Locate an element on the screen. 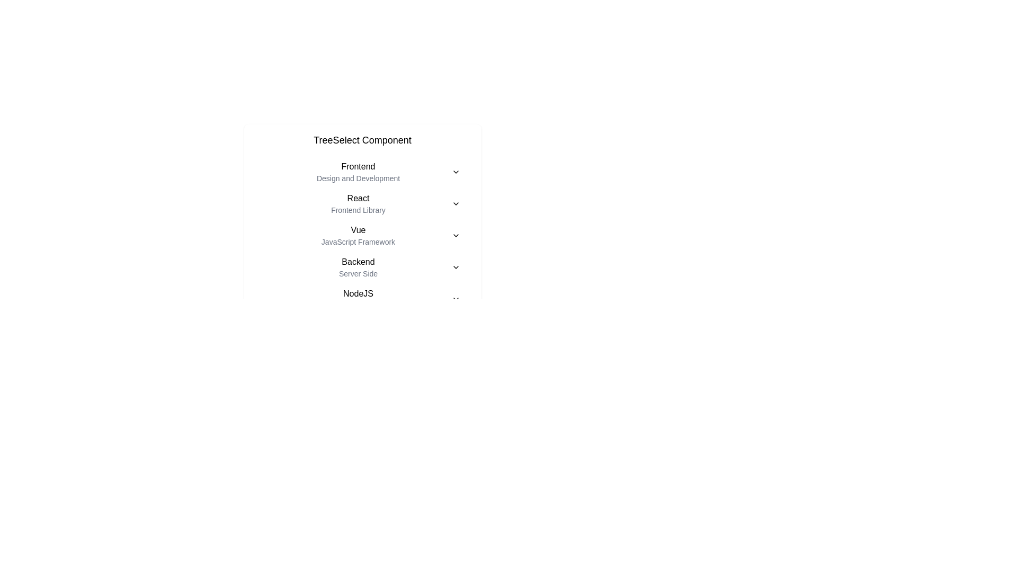 Image resolution: width=1017 pixels, height=572 pixels. the 'React' text label within the TreeSelect Component is located at coordinates (358, 204).